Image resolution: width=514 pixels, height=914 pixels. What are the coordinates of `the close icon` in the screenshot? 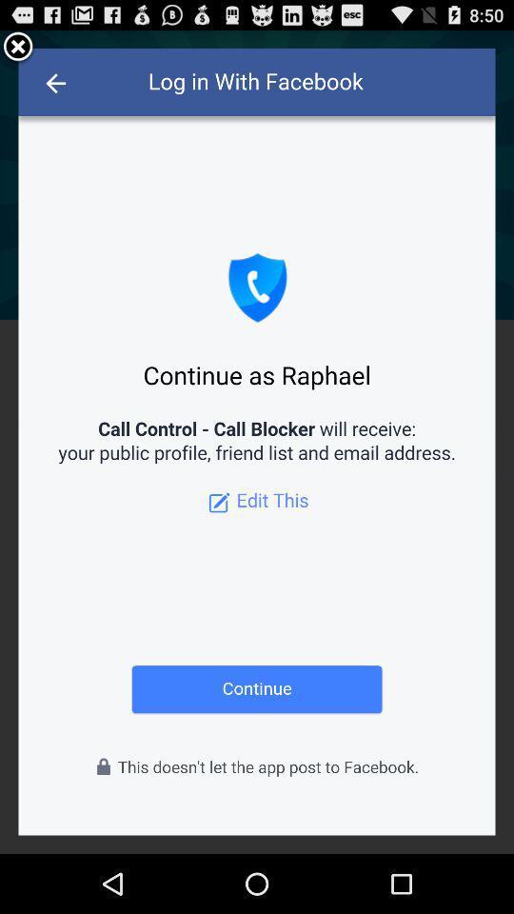 It's located at (17, 50).